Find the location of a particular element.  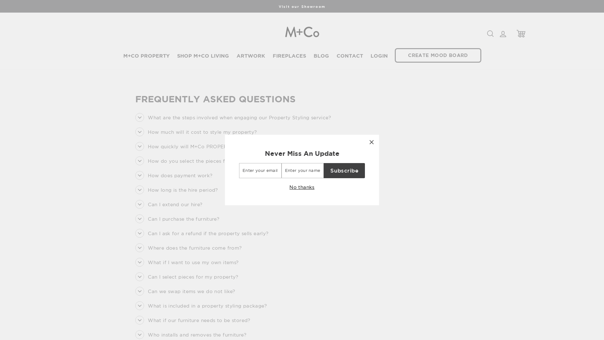

'How much will it cost to style my property?' is located at coordinates (196, 132).